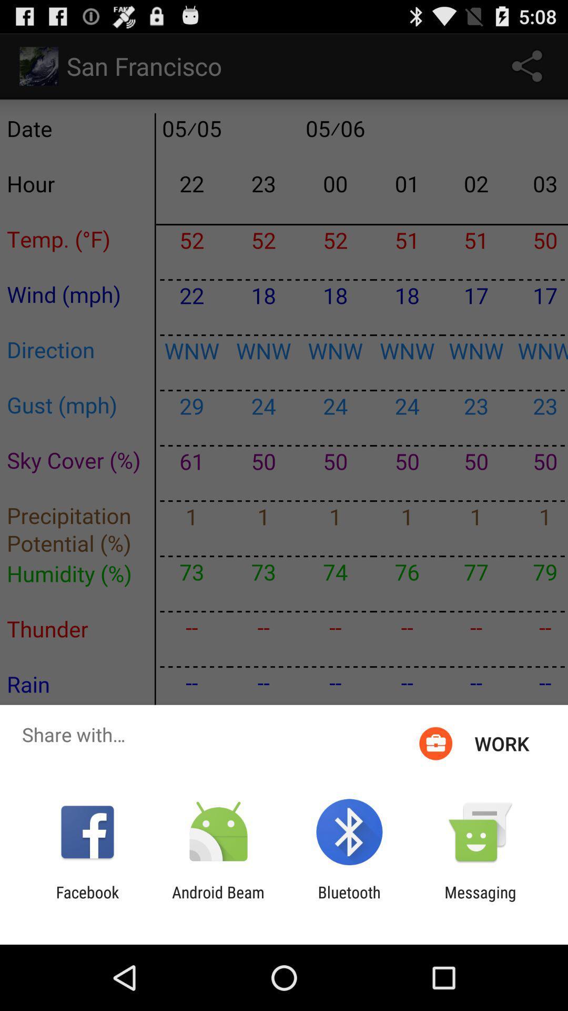 The width and height of the screenshot is (568, 1011). What do you see at coordinates (480, 901) in the screenshot?
I see `the app next to bluetooth` at bounding box center [480, 901].